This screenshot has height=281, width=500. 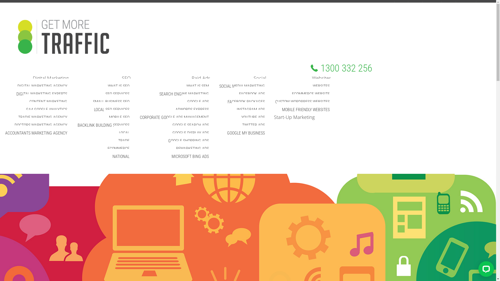 What do you see at coordinates (190, 125) in the screenshot?
I see `'GOOGLE SEARCH ADS'` at bounding box center [190, 125].